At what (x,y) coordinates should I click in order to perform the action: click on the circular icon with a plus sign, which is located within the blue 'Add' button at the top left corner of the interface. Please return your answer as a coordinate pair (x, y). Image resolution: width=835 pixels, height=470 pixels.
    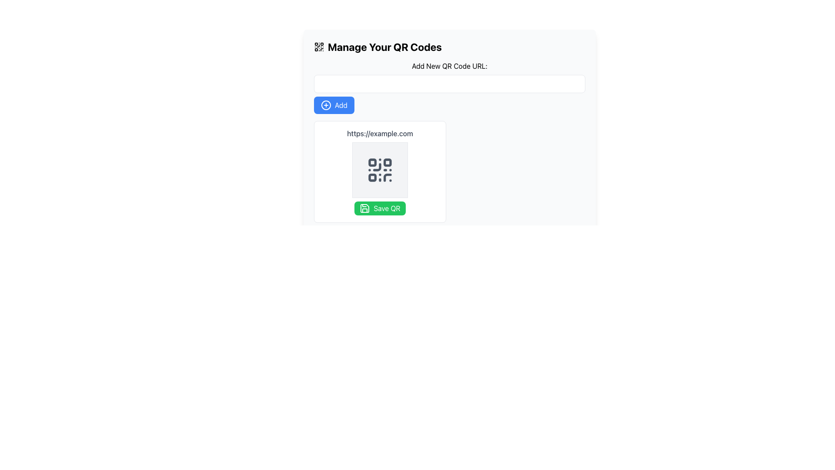
    Looking at the image, I should click on (325, 105).